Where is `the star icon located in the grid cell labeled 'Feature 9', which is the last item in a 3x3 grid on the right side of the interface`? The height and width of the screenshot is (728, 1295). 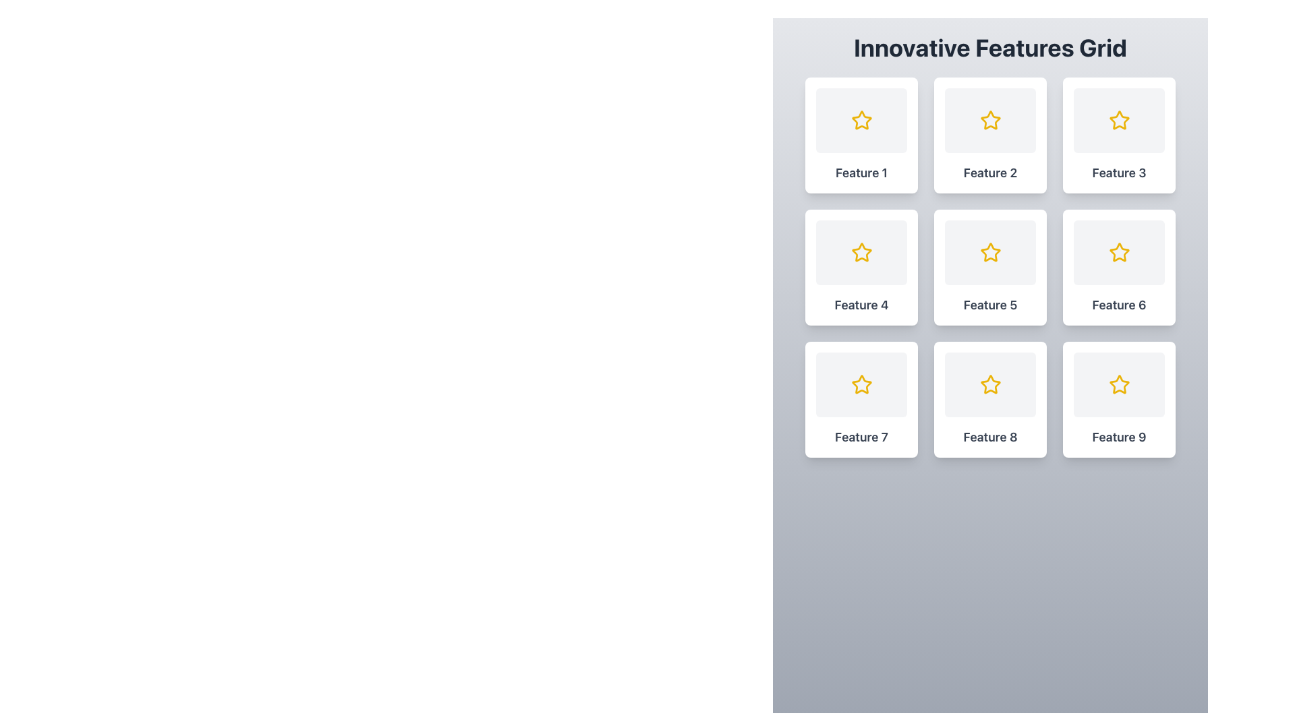
the star icon located in the grid cell labeled 'Feature 9', which is the last item in a 3x3 grid on the right side of the interface is located at coordinates (1119, 384).